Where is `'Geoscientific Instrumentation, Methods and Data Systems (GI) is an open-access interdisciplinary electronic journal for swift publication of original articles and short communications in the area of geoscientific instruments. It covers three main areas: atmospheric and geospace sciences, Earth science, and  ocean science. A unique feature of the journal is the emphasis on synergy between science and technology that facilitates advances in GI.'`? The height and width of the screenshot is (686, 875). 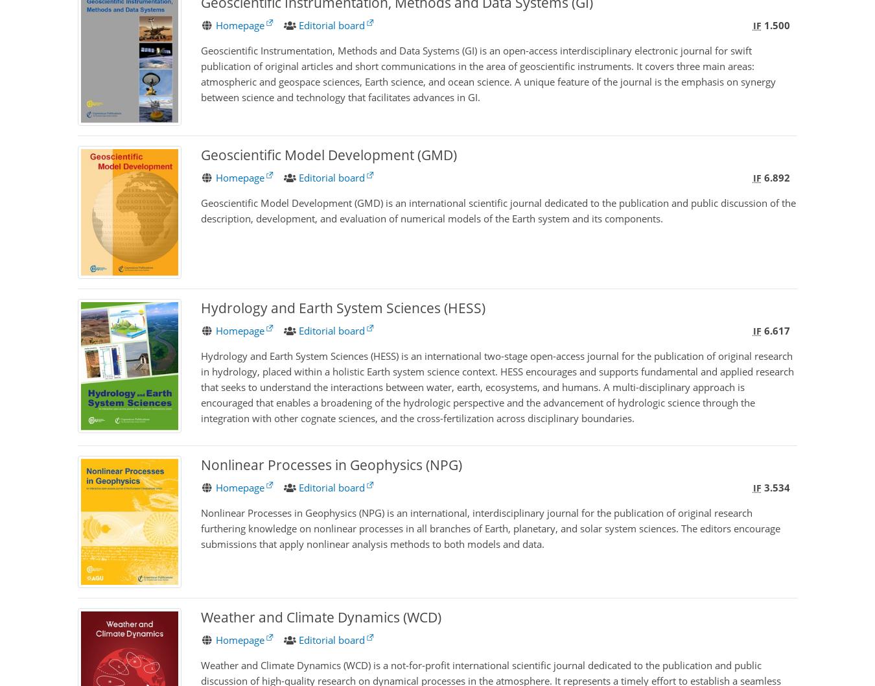
'Geoscientific Instrumentation, Methods and Data Systems (GI) is an open-access interdisciplinary electronic journal for swift publication of original articles and short communications in the area of geoscientific instruments. It covers three main areas: atmospheric and geospace sciences, Earth science, and  ocean science. A unique feature of the journal is the emphasis on synergy between science and technology that facilitates advances in GI.' is located at coordinates (487, 72).